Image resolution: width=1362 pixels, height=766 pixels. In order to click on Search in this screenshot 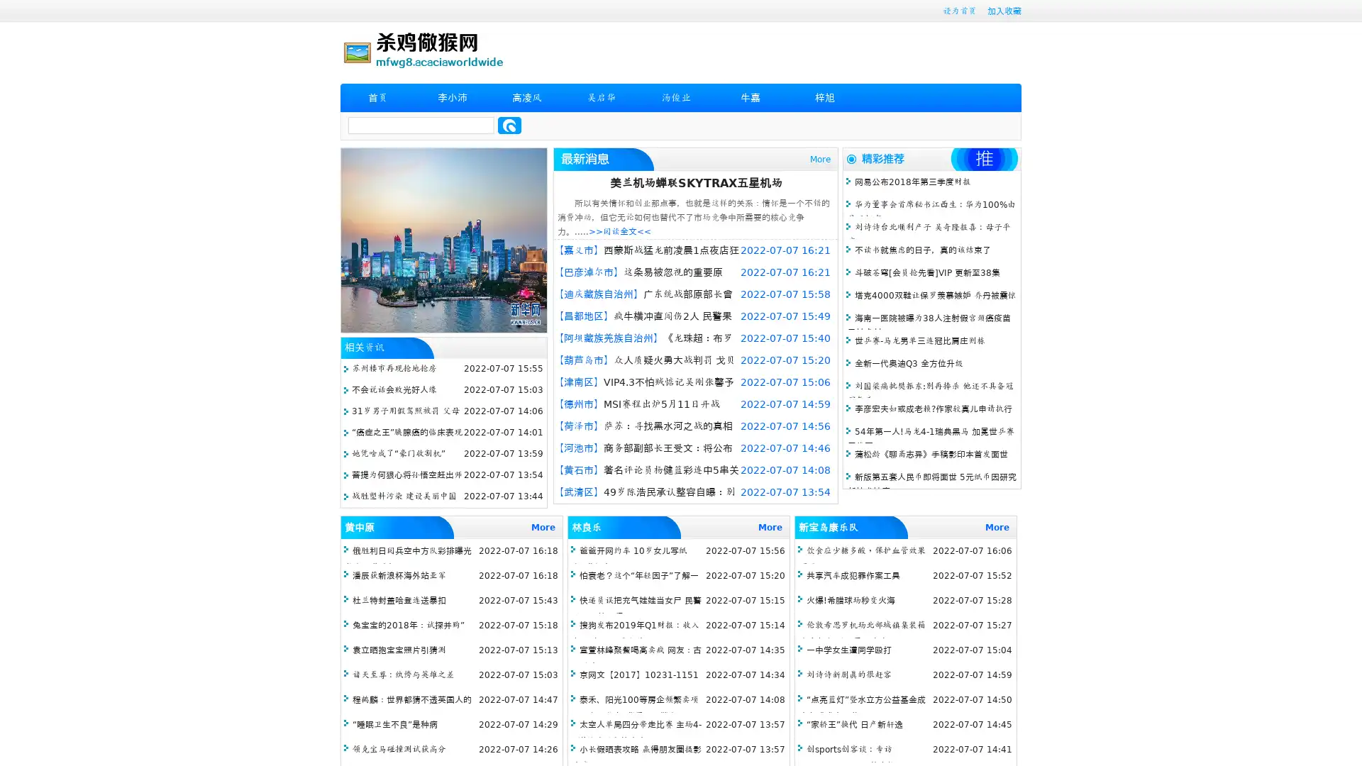, I will do `click(509, 125)`.